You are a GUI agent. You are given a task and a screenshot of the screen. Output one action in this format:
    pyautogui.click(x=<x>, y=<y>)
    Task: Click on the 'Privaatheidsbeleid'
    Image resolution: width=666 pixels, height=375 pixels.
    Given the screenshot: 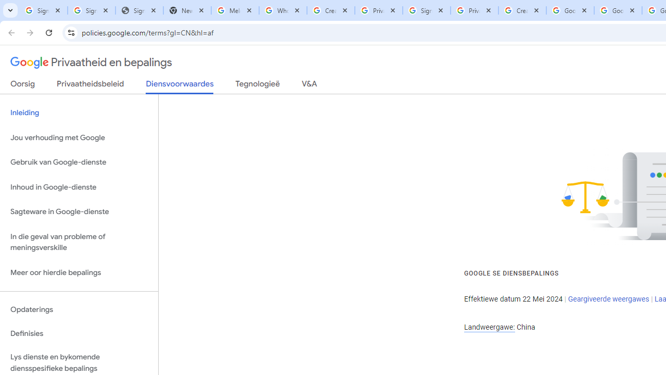 What is the action you would take?
    pyautogui.click(x=91, y=85)
    